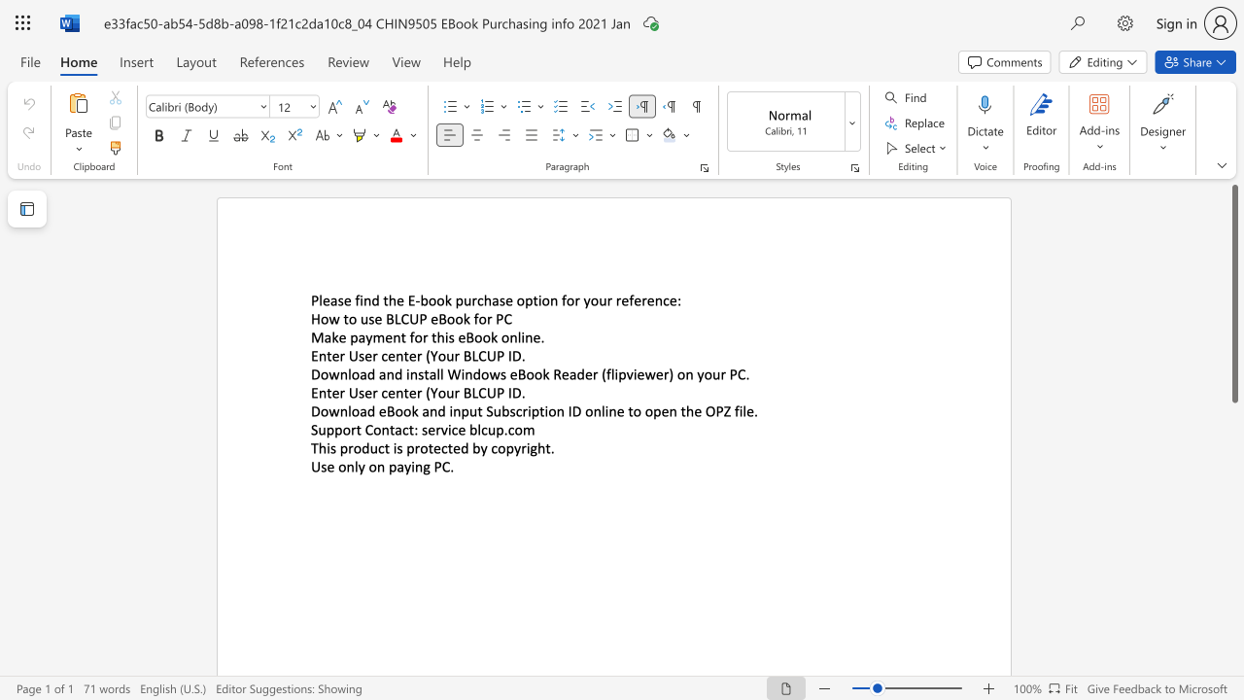 This screenshot has height=700, width=1244. What do you see at coordinates (1233, 554) in the screenshot?
I see `the scrollbar to move the page down` at bounding box center [1233, 554].